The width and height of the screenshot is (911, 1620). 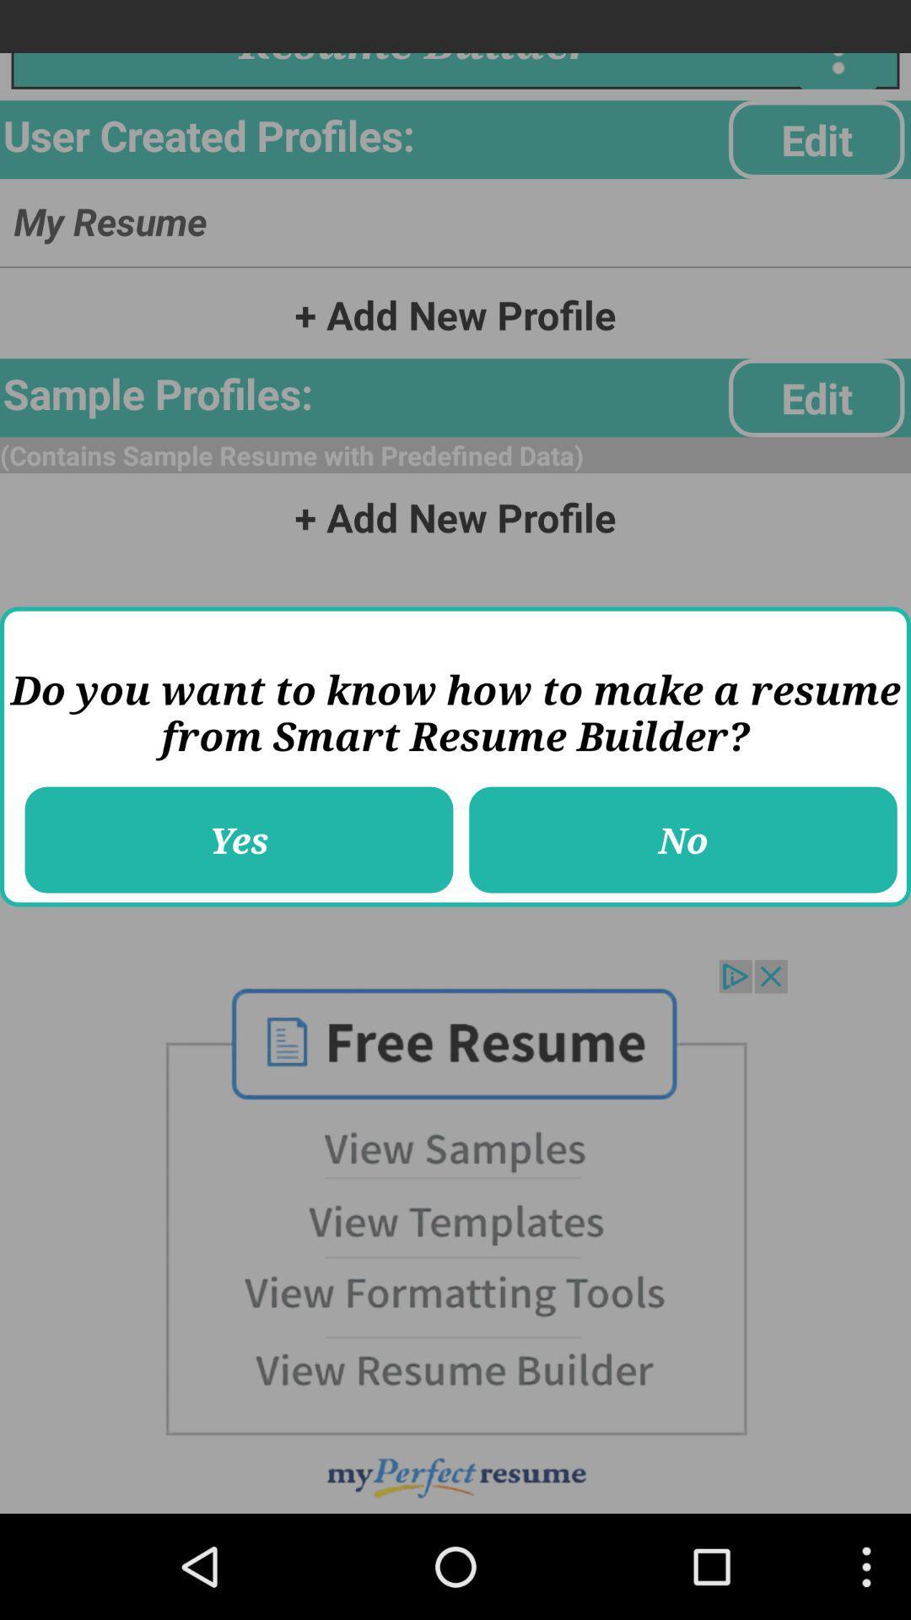 What do you see at coordinates (683, 840) in the screenshot?
I see `no icon` at bounding box center [683, 840].